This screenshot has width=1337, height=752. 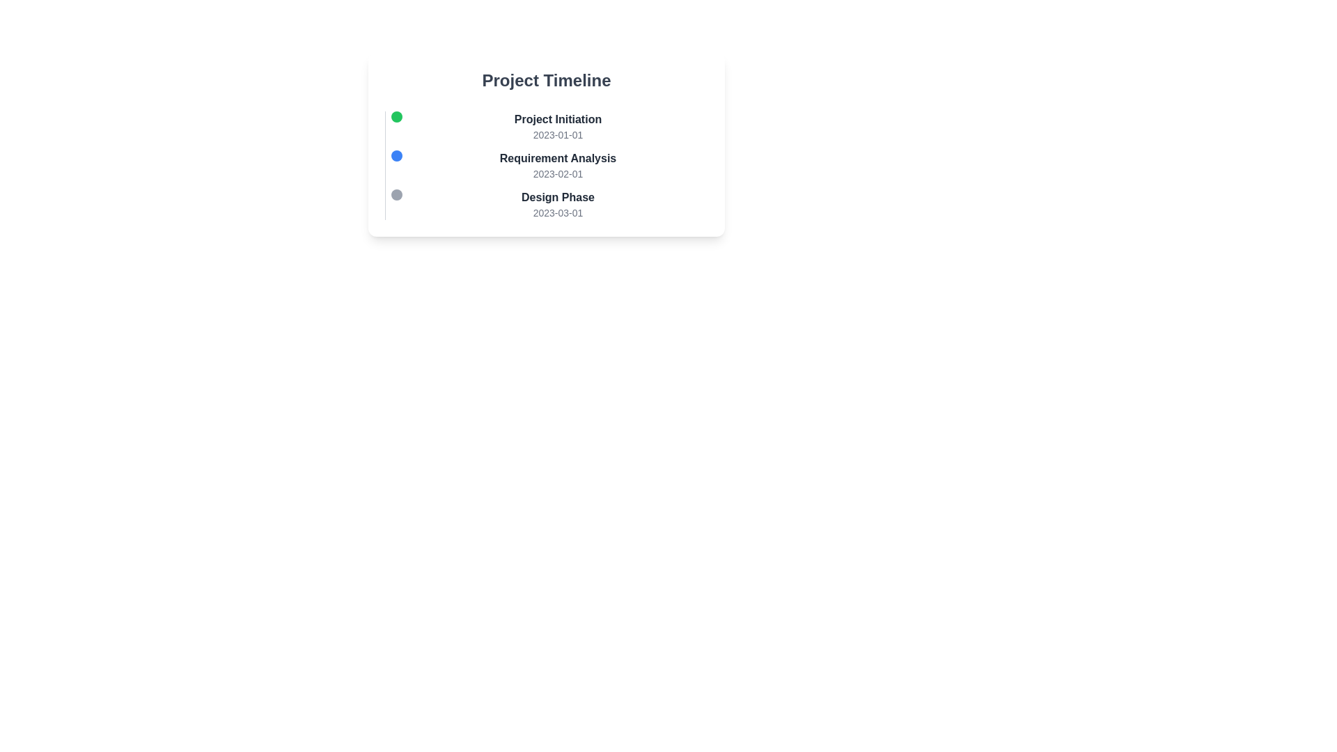 What do you see at coordinates (546, 80) in the screenshot?
I see `the 'Project Timeline' heading text label, which serves as the title for the section indicating the purpose of the displayed content below` at bounding box center [546, 80].